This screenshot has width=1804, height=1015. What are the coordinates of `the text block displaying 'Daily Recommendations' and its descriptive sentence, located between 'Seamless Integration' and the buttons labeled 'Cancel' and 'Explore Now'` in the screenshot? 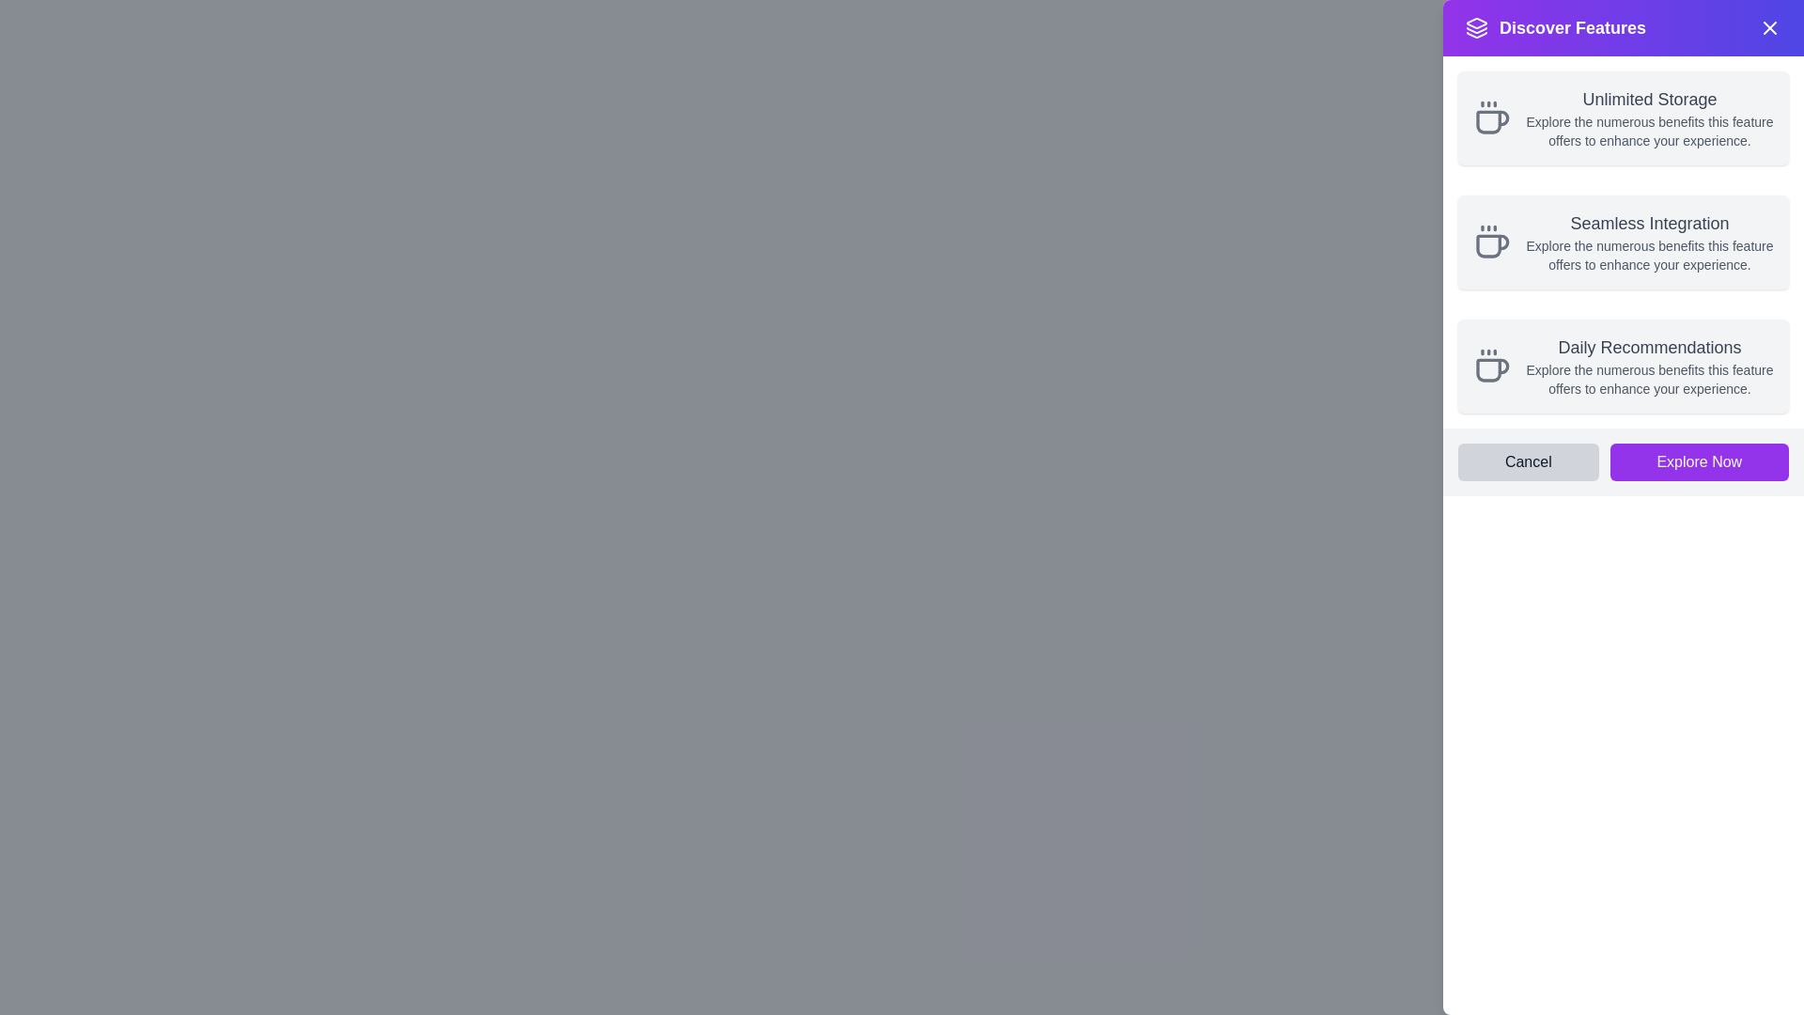 It's located at (1649, 366).